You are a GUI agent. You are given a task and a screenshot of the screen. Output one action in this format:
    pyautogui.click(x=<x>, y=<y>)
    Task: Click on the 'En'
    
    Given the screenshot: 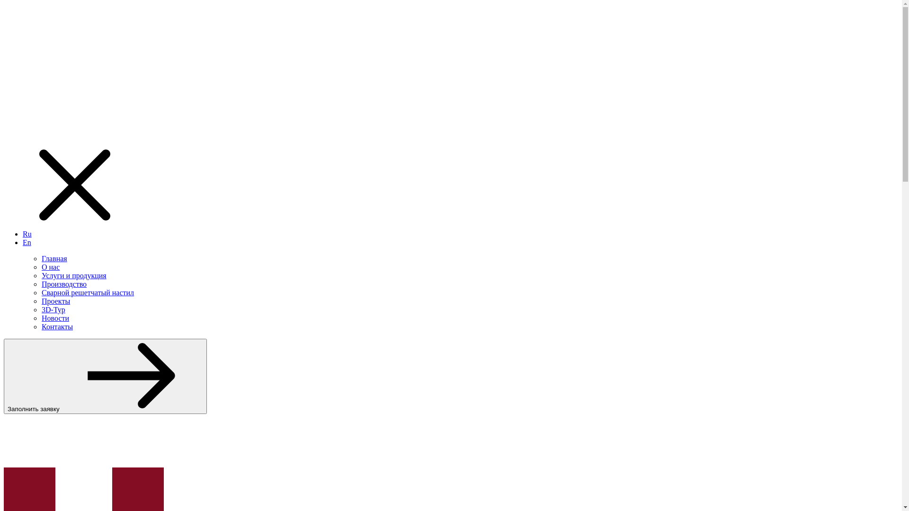 What is the action you would take?
    pyautogui.click(x=23, y=242)
    